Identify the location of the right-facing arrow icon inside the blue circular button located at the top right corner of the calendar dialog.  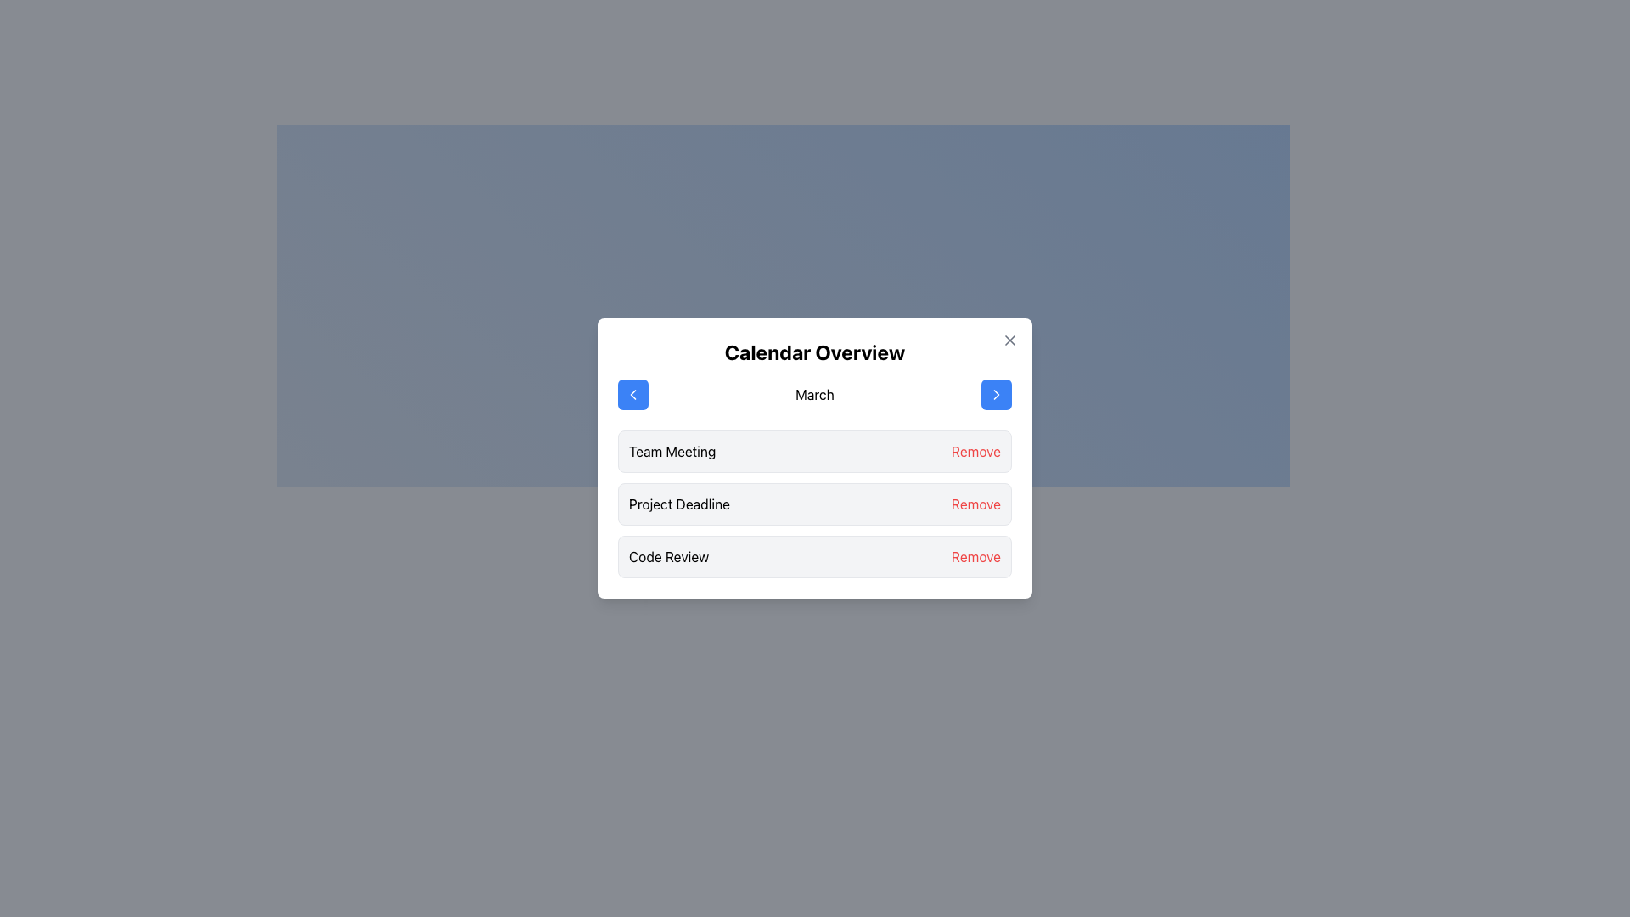
(996, 395).